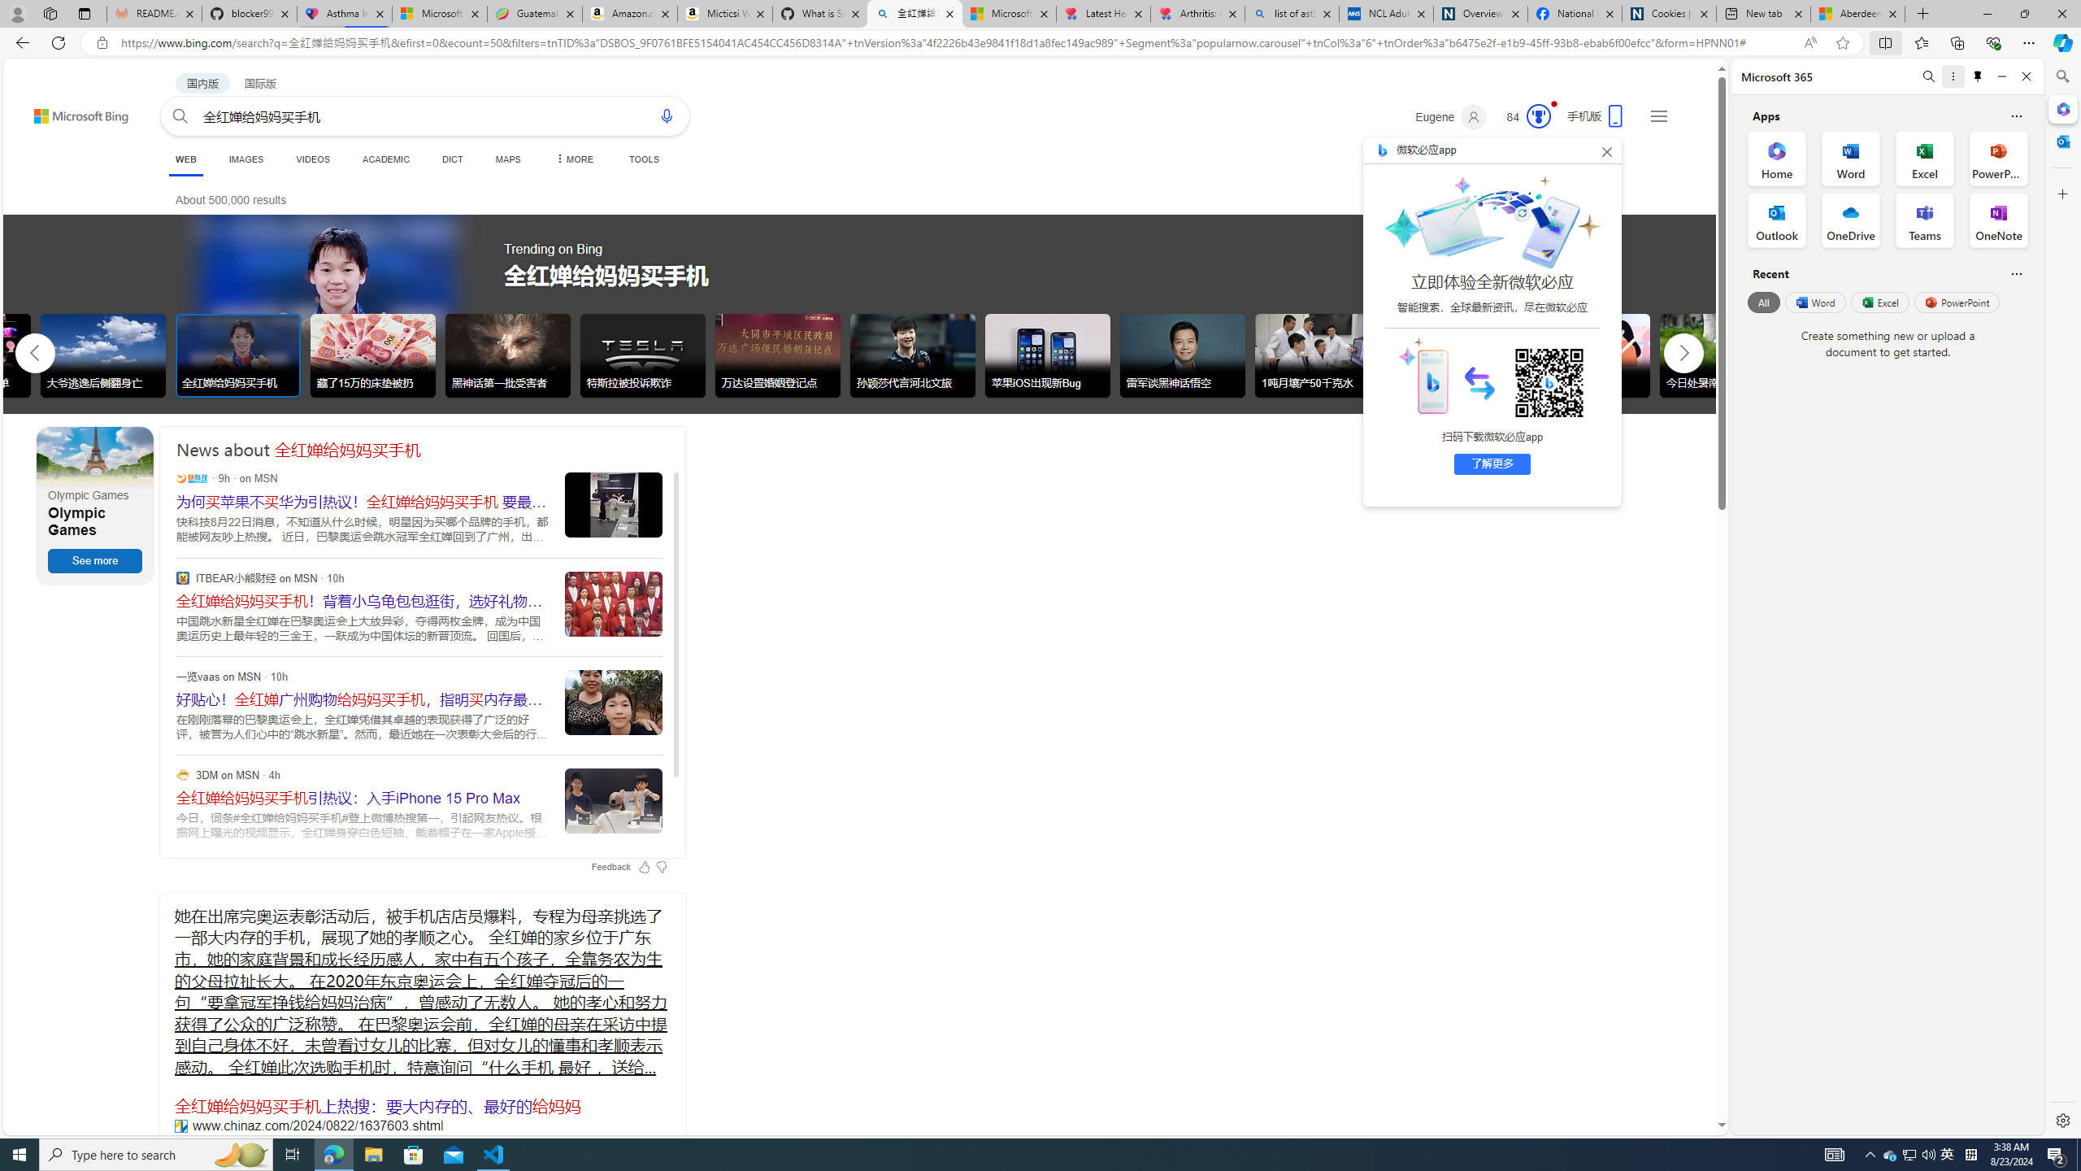 The width and height of the screenshot is (2081, 1171). What do you see at coordinates (185, 159) in the screenshot?
I see `'WEB'` at bounding box center [185, 159].